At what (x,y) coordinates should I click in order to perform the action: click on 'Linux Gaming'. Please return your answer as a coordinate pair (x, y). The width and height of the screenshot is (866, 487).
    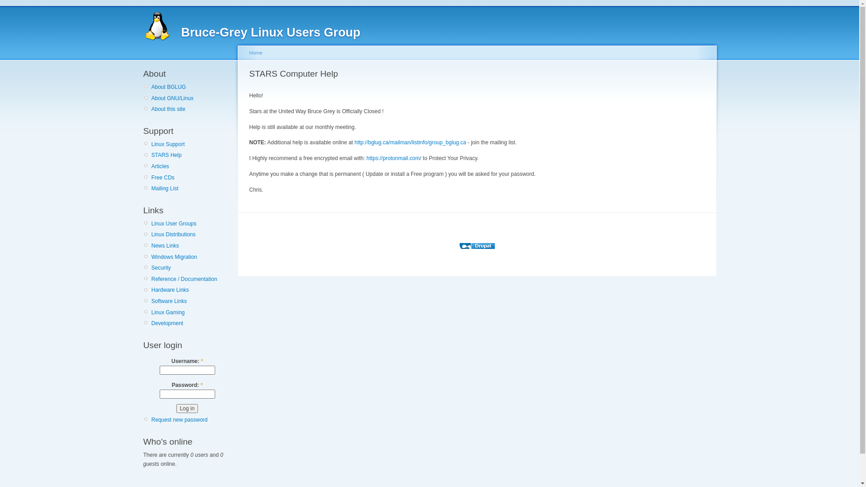
    Looking at the image, I should click on (191, 312).